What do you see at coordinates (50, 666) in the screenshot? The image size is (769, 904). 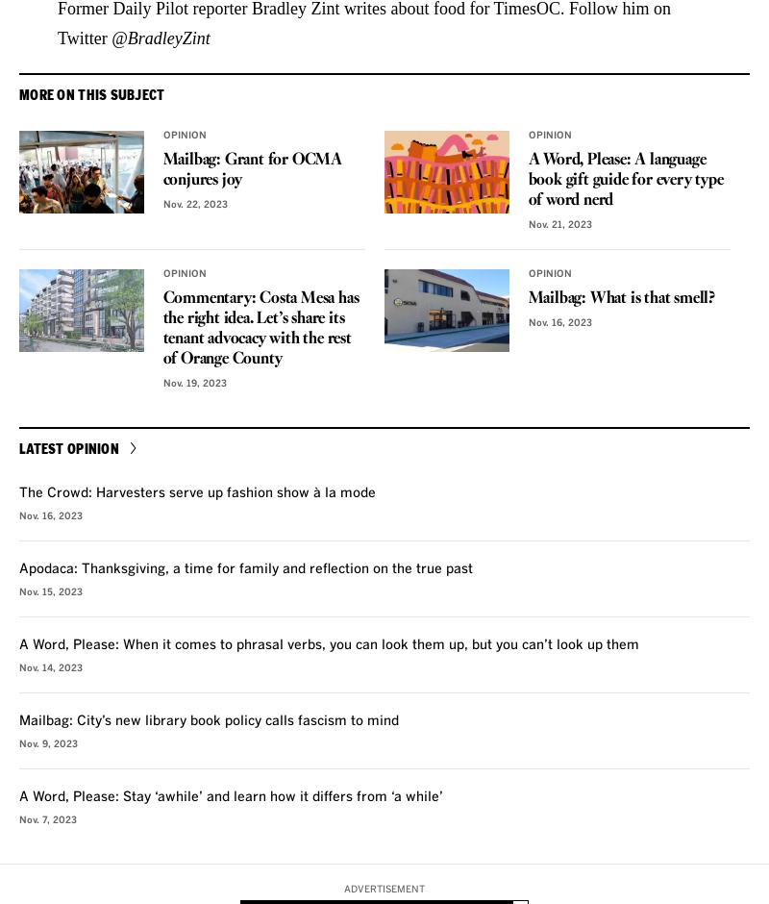 I see `'Nov. 14, 2023'` at bounding box center [50, 666].